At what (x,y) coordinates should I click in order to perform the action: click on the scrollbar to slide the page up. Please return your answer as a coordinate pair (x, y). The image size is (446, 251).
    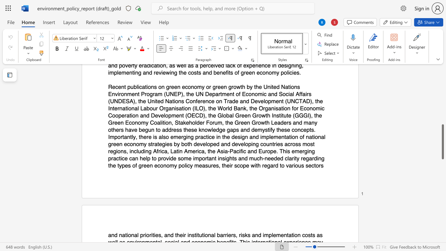
    Looking at the image, I should click on (442, 77).